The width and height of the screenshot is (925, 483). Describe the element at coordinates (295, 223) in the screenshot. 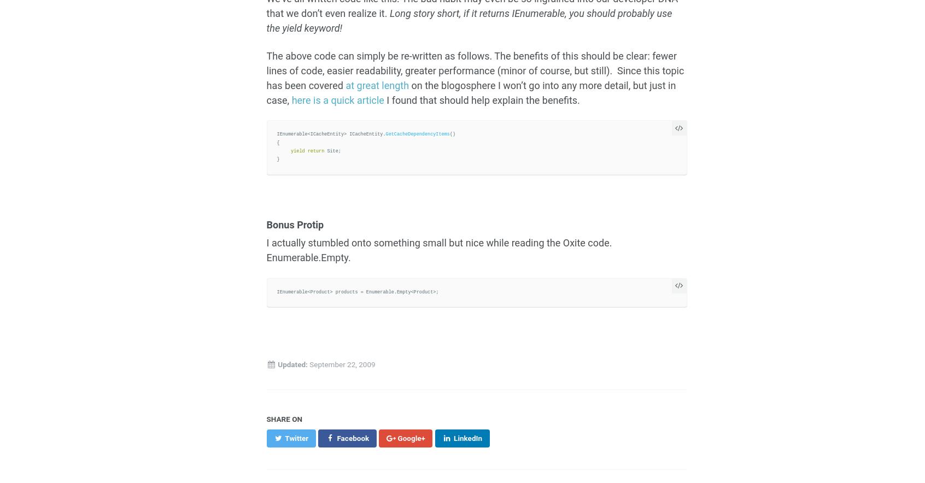

I see `'Bonus Protip'` at that location.